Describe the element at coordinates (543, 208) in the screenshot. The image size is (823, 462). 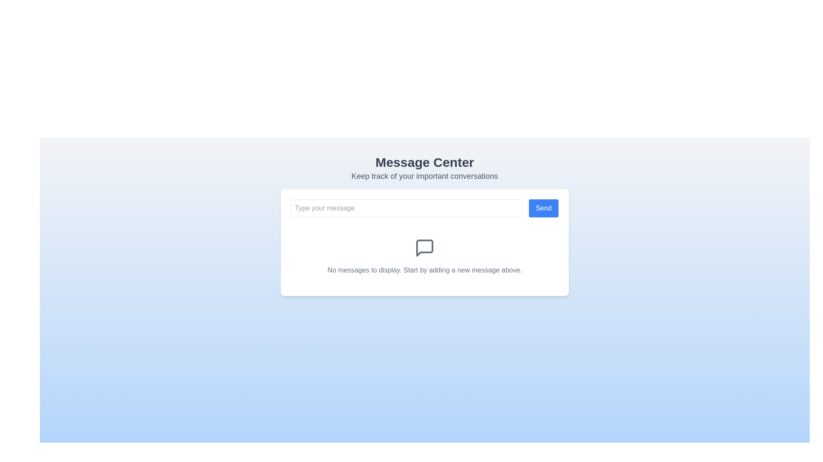
I see `the rectangular blue button labeled 'Send' to observe the hover effect, which changes the button's color to a lighter blue` at that location.